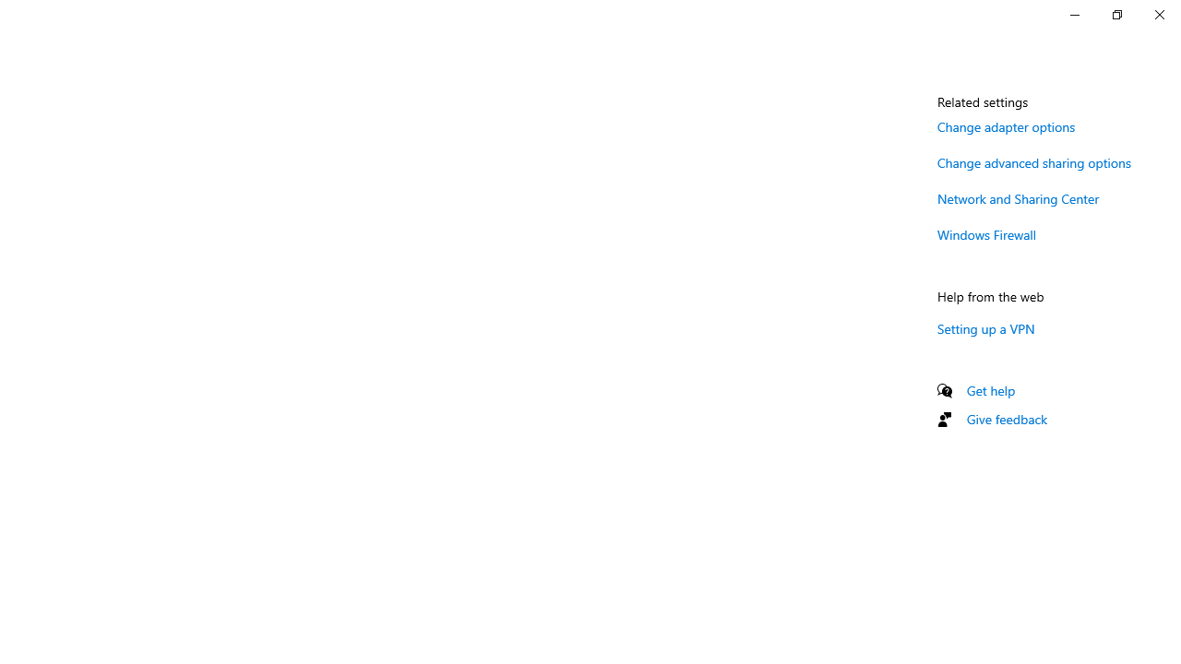 The image size is (1181, 664). I want to click on 'Network and Sharing Center', so click(1018, 198).